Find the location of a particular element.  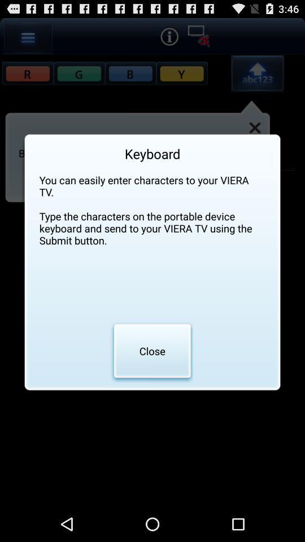

the menu icon is located at coordinates (28, 40).